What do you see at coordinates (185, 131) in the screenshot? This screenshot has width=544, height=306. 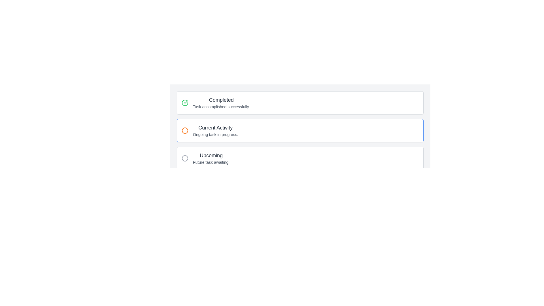 I see `the circular icon with an orange outline and inner cross located to the left of the 'Current Activity' title text` at bounding box center [185, 131].